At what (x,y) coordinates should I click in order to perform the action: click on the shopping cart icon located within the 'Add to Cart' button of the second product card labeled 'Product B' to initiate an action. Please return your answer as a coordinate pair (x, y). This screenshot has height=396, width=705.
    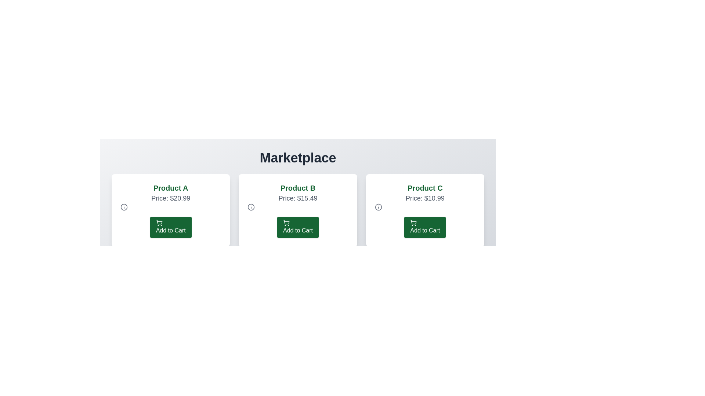
    Looking at the image, I should click on (286, 221).